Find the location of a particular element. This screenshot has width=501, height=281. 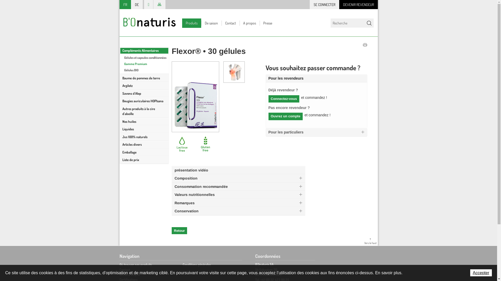

'DEVENIR REVENDEUR' is located at coordinates (358, 4).